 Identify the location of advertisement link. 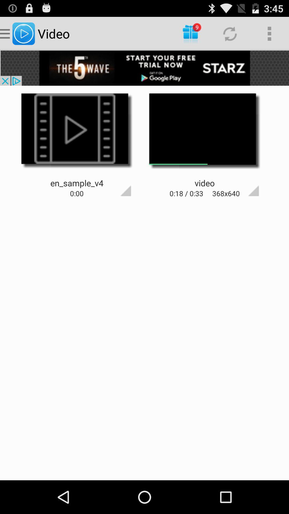
(144, 68).